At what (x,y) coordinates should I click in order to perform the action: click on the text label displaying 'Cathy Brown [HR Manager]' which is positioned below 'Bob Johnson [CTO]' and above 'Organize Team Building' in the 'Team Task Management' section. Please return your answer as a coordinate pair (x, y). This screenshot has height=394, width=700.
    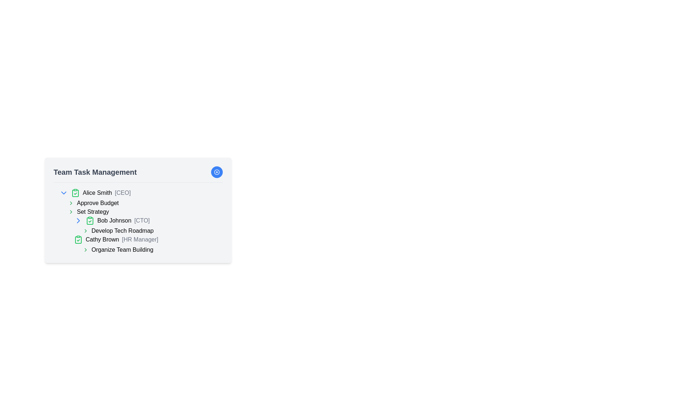
    Looking at the image, I should click on (122, 239).